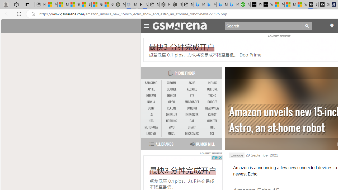  I want to click on 'SONY', so click(151, 108).